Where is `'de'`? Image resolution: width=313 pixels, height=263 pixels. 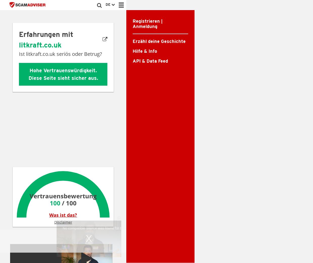 'de' is located at coordinates (108, 4).